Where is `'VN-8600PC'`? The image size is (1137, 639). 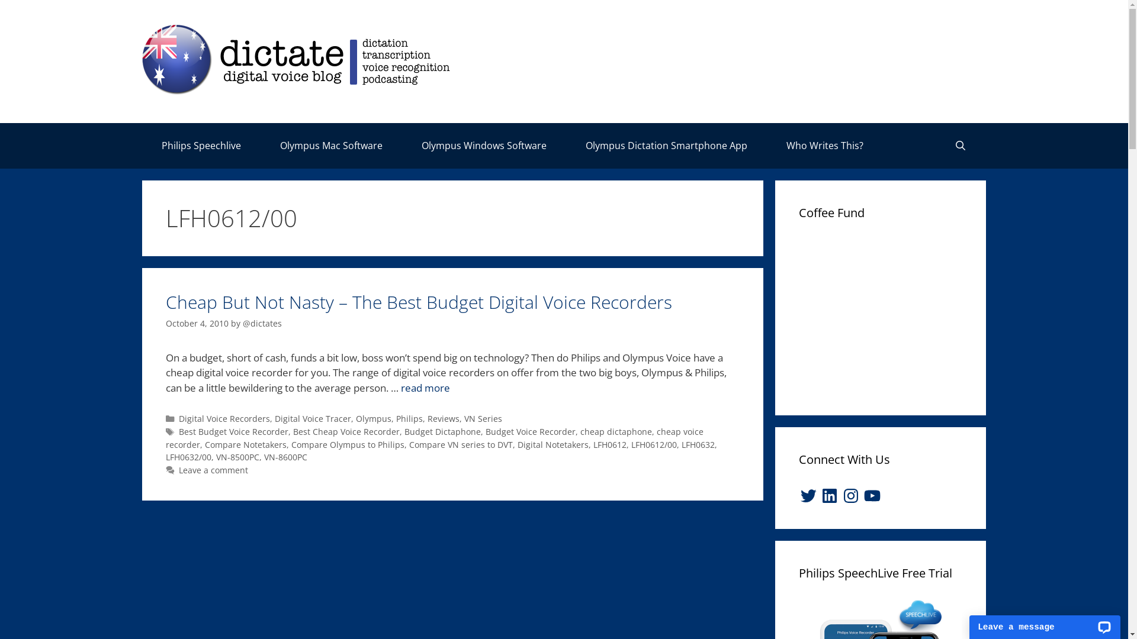
'VN-8600PC' is located at coordinates (285, 456).